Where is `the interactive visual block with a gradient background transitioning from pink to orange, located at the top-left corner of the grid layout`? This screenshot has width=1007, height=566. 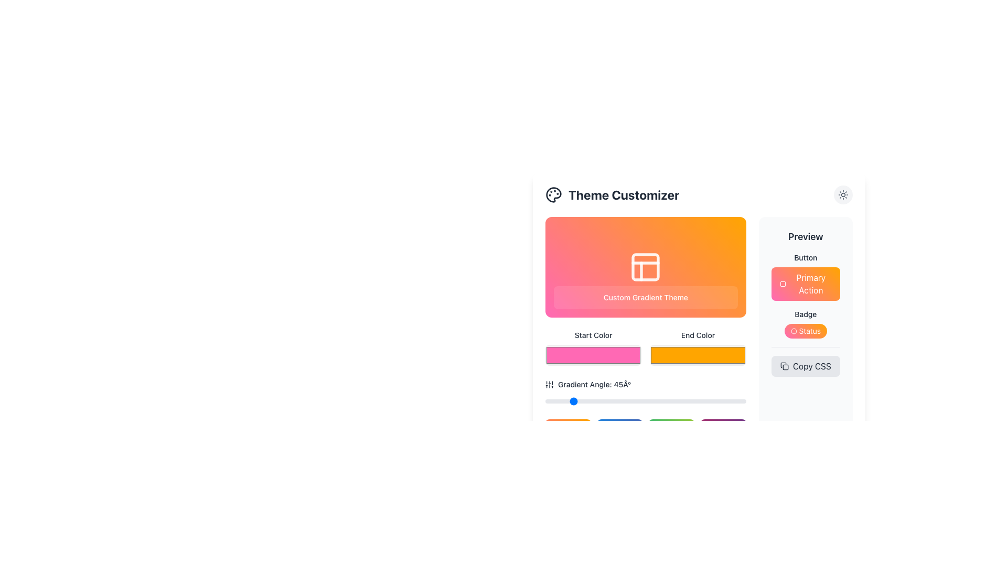 the interactive visual block with a gradient background transitioning from pink to orange, located at the top-left corner of the grid layout is located at coordinates (567, 440).